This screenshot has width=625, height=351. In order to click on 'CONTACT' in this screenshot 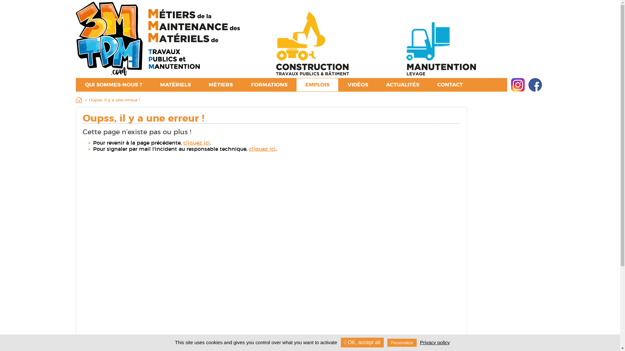, I will do `click(450, 84)`.